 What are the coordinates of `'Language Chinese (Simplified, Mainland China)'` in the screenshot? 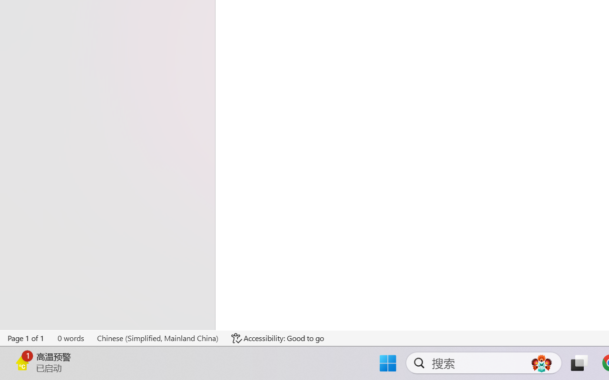 It's located at (157, 338).